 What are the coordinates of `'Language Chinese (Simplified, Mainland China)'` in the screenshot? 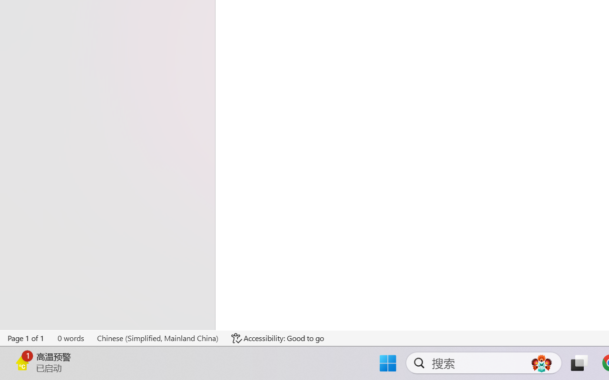 It's located at (157, 338).